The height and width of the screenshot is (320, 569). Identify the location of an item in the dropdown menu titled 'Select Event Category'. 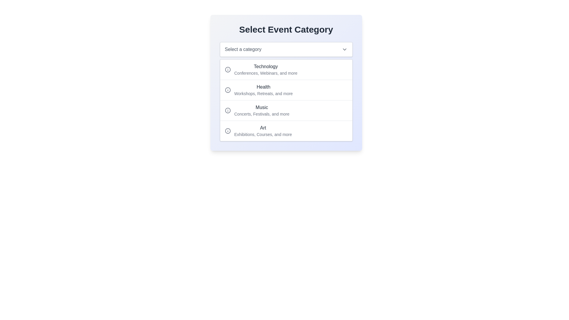
(286, 100).